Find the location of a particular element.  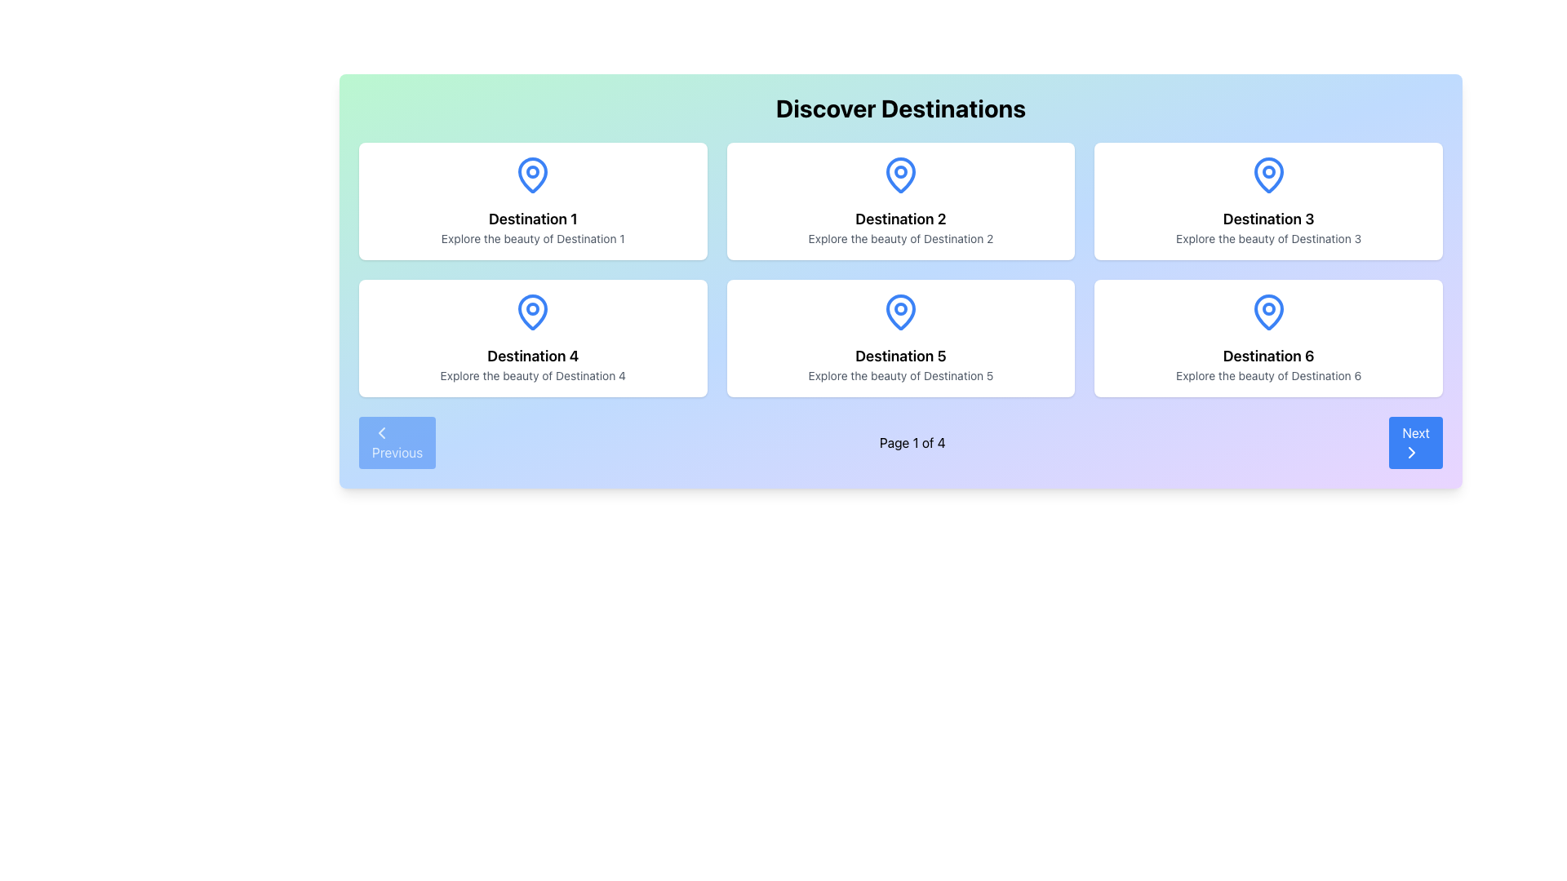

the card for 'Destination 3' is located at coordinates (1267, 200).